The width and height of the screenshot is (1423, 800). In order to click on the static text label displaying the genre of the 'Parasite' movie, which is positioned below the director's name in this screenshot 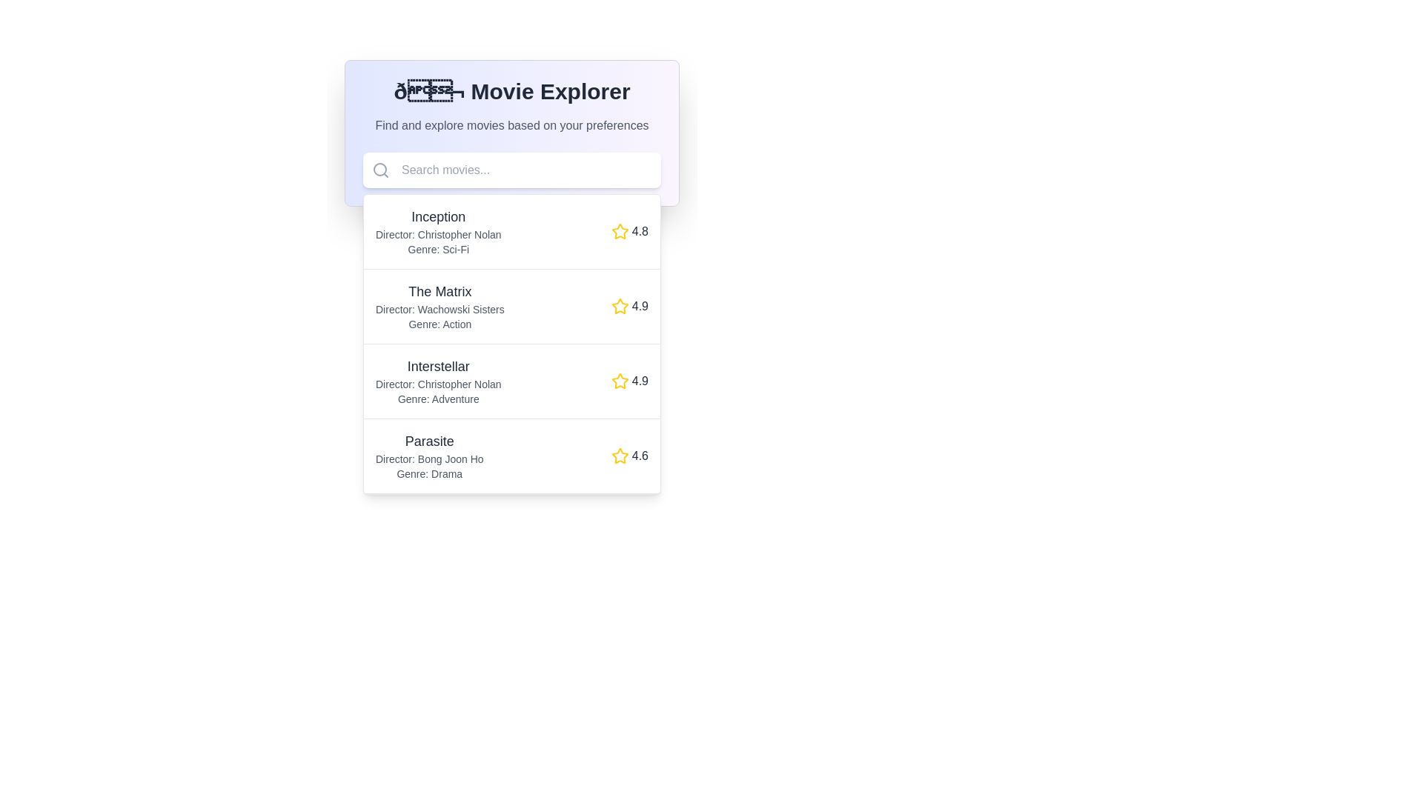, I will do `click(428, 474)`.